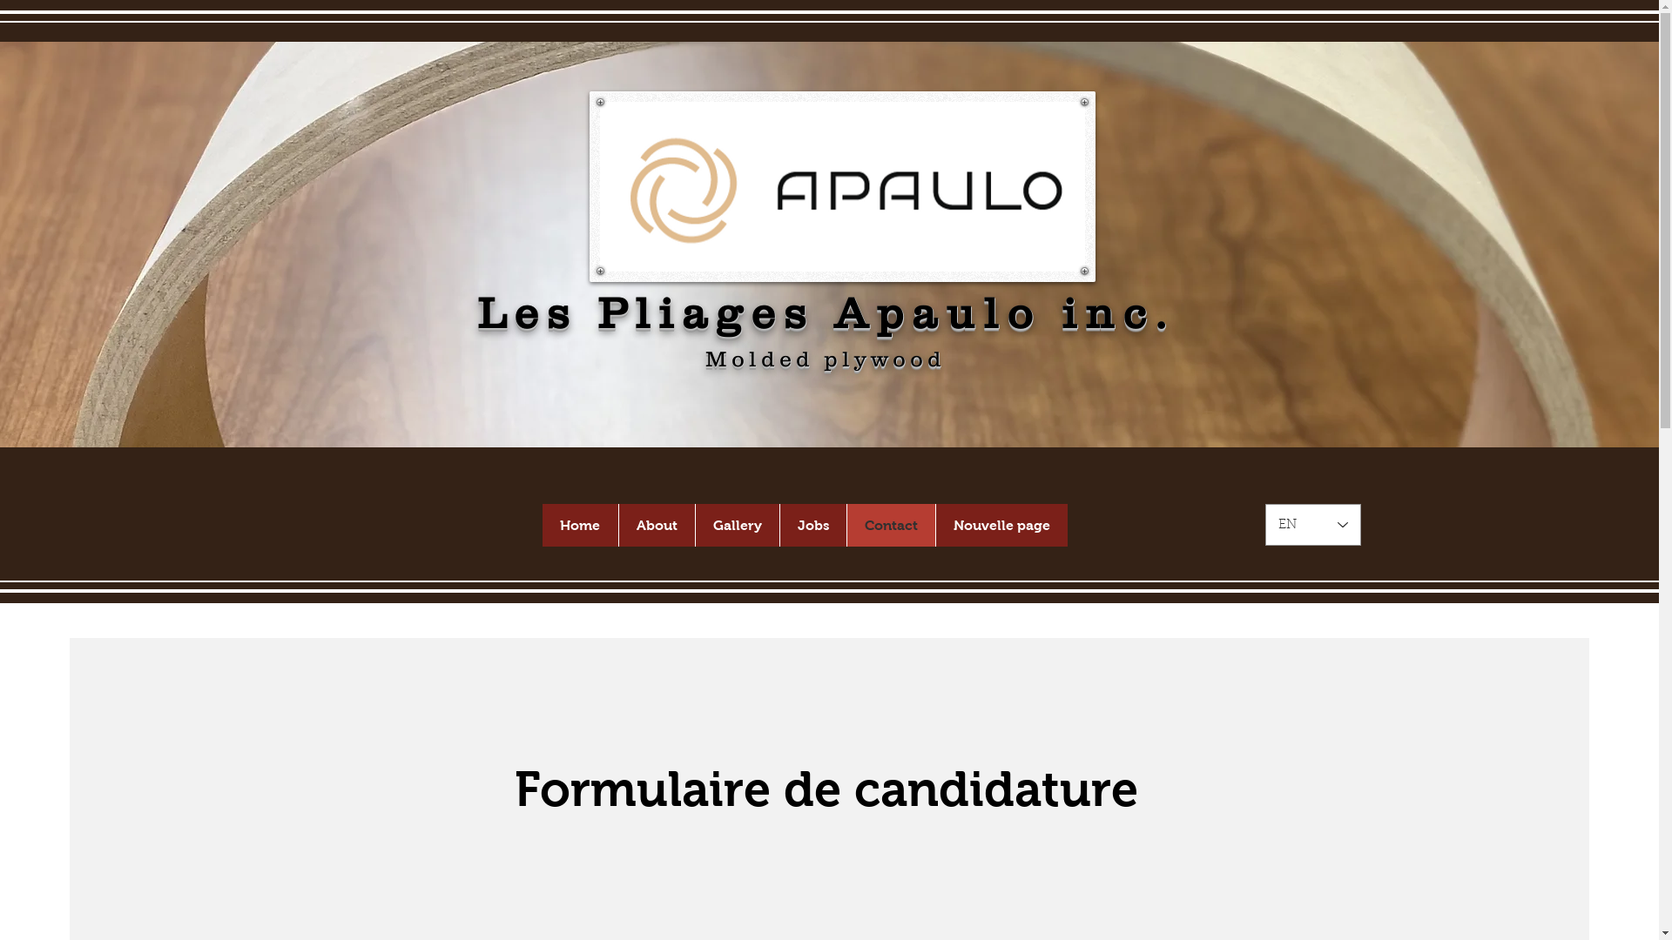 The height and width of the screenshot is (940, 1672). What do you see at coordinates (1001, 524) in the screenshot?
I see `'Nouvelle page'` at bounding box center [1001, 524].